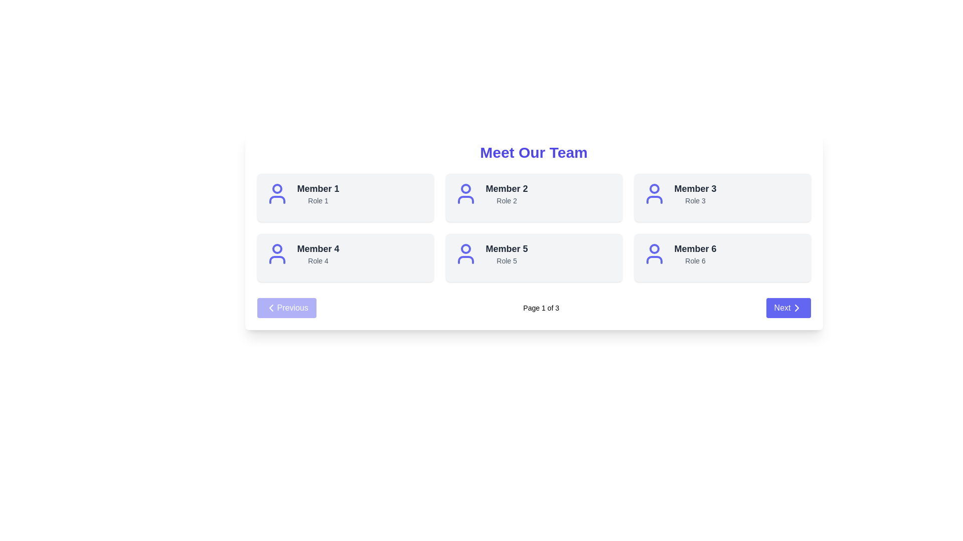 This screenshot has width=963, height=541. What do you see at coordinates (465, 193) in the screenshot?
I see `the user icon representing 'Member 2' in the top row's middle column of the 'Meet Our Team' section` at bounding box center [465, 193].